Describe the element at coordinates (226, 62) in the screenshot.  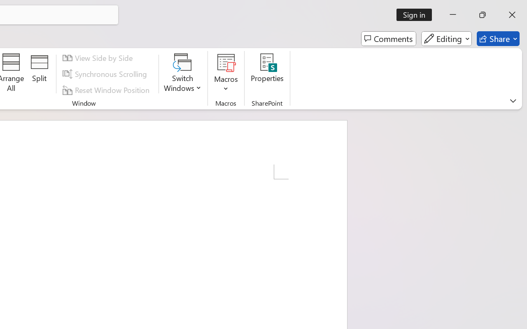
I see `'View Macros'` at that location.